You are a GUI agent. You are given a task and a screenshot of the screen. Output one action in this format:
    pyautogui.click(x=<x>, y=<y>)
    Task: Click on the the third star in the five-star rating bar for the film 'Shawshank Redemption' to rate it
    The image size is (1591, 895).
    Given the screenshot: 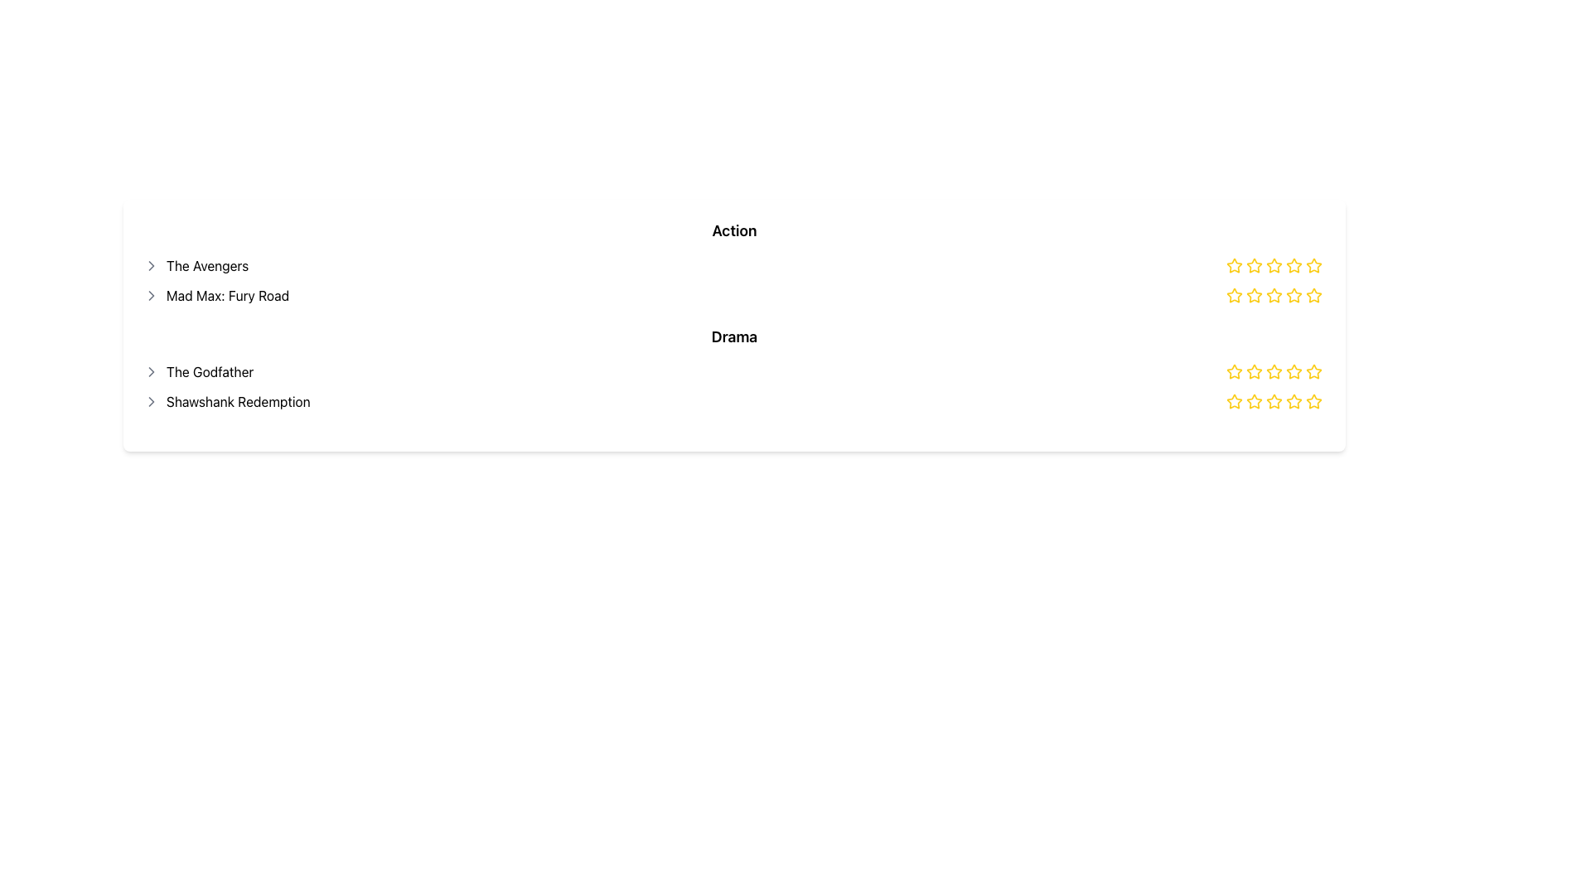 What is the action you would take?
    pyautogui.click(x=1273, y=401)
    